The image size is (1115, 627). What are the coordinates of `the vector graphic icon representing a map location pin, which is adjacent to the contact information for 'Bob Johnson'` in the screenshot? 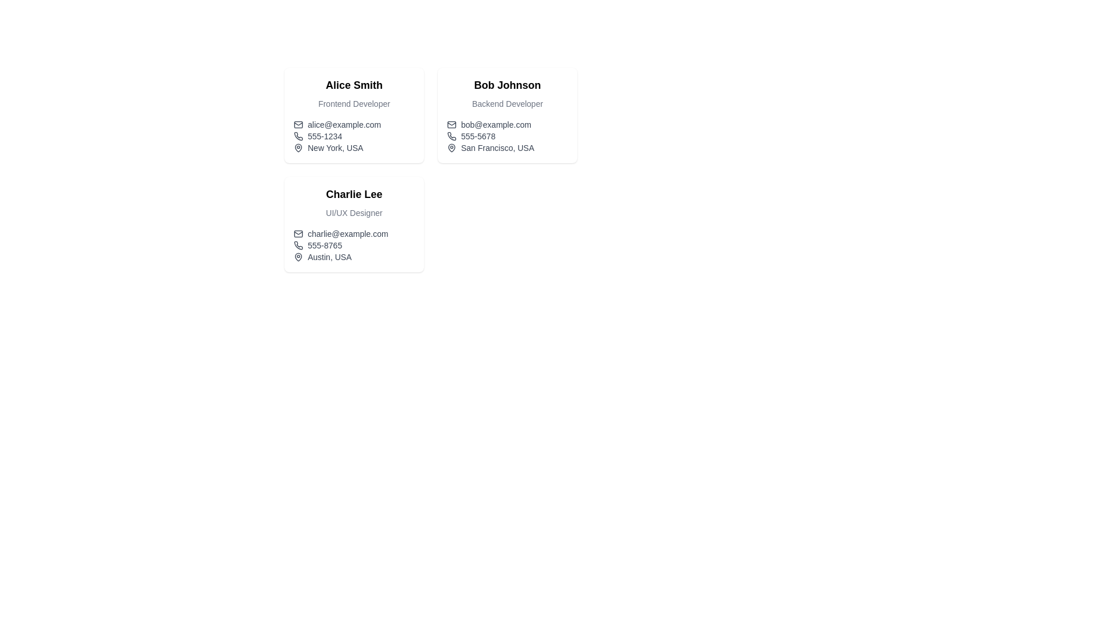 It's located at (451, 147).